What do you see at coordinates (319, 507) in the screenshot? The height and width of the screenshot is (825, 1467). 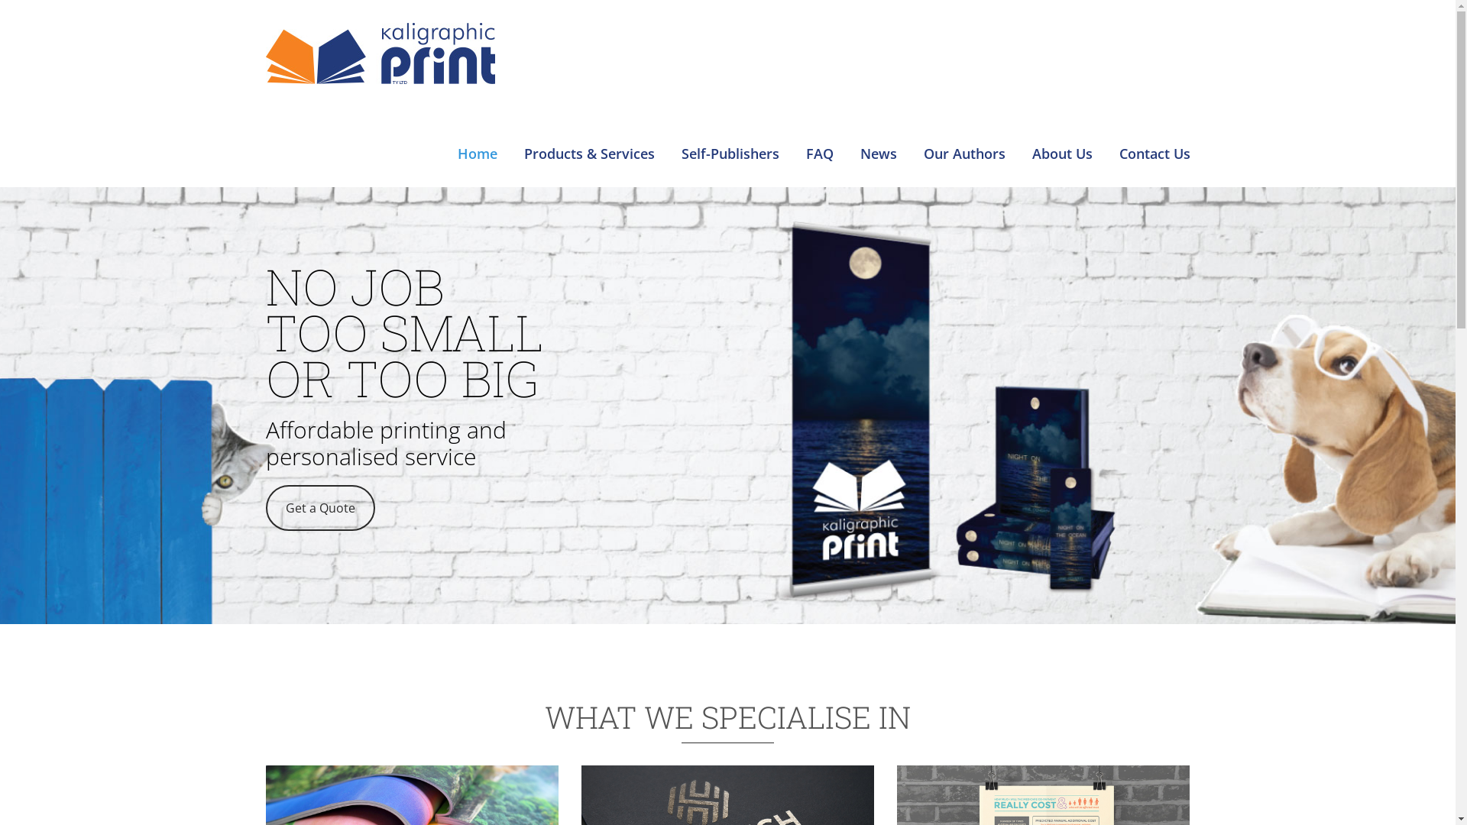 I see `'Get a Quote'` at bounding box center [319, 507].